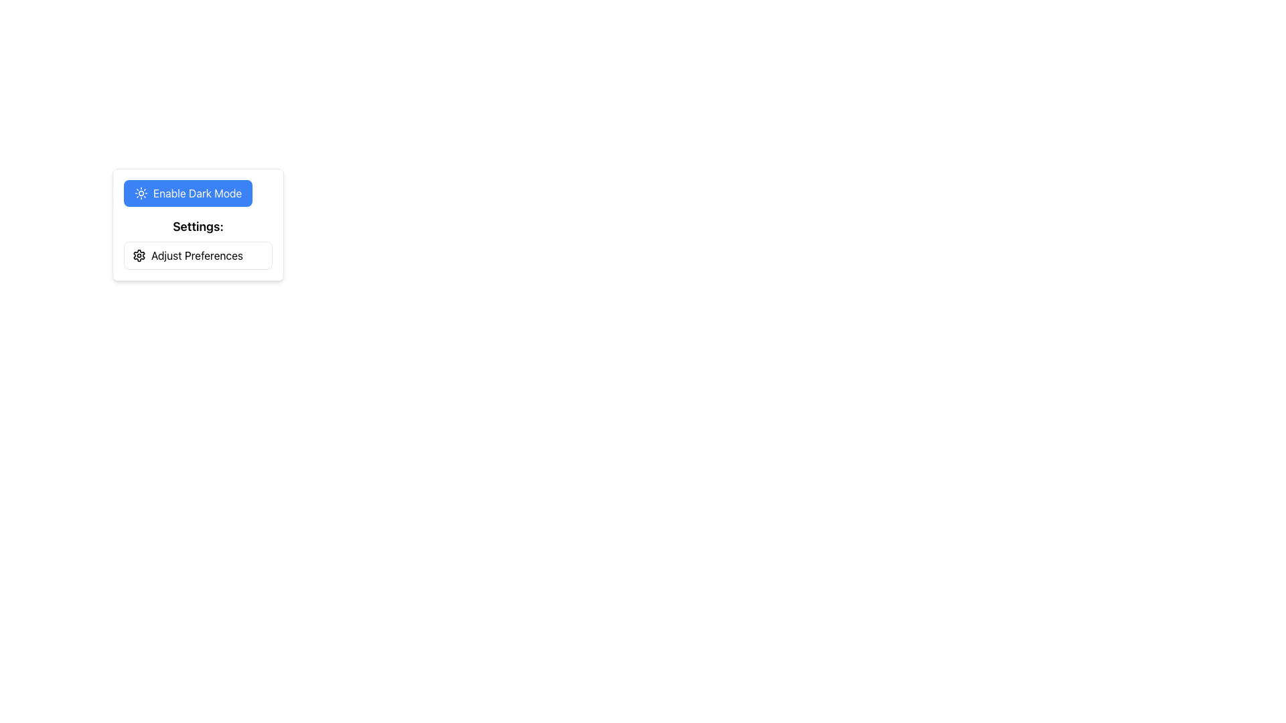 The image size is (1286, 723). Describe the element at coordinates (141, 193) in the screenshot. I see `the brightness icon located to the left of the 'Enable Dark Mode' button, which visually represents the light mode feature` at that location.